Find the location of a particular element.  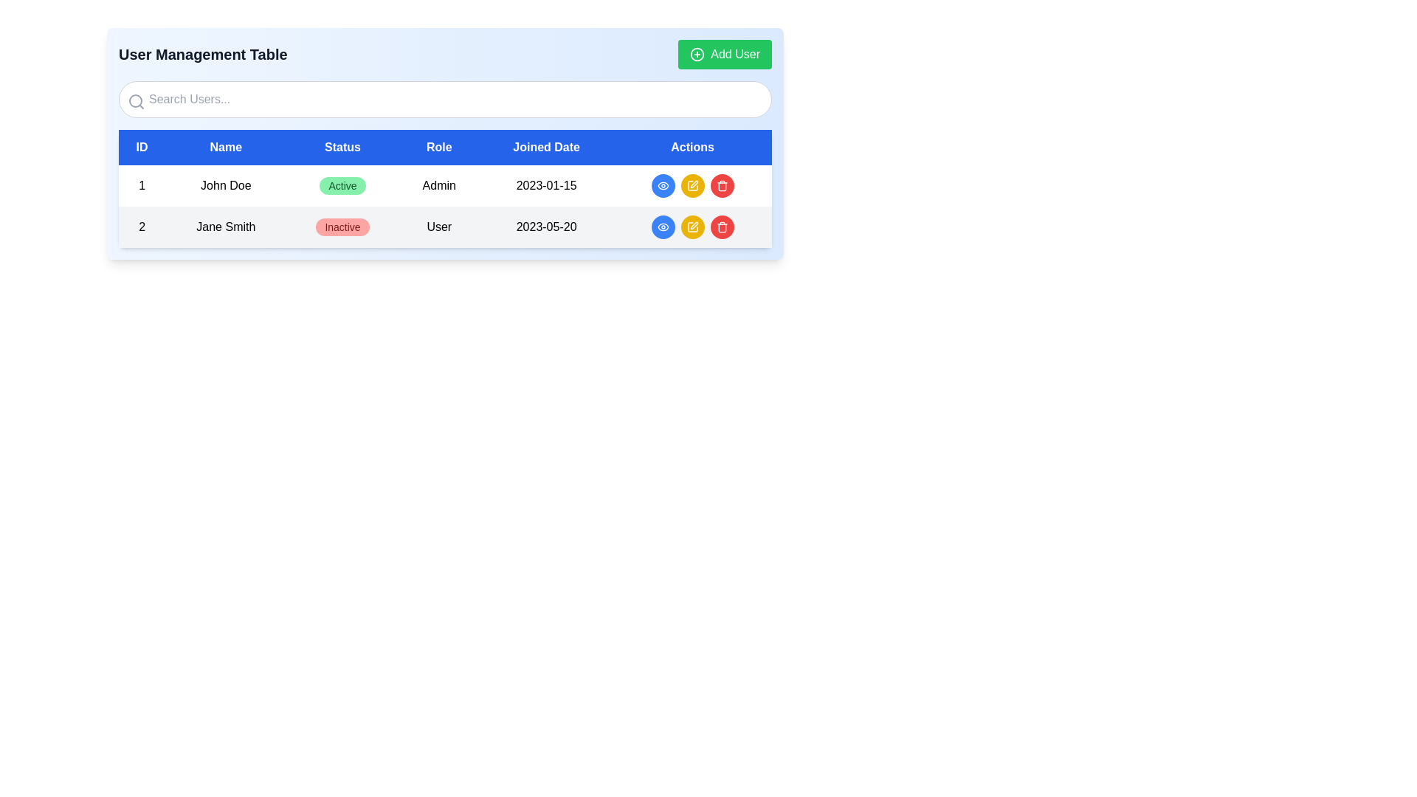

the middle section of the trash can icon representing the delete action for user 'Jane Smith' in the 'Actions' column is located at coordinates (722, 228).